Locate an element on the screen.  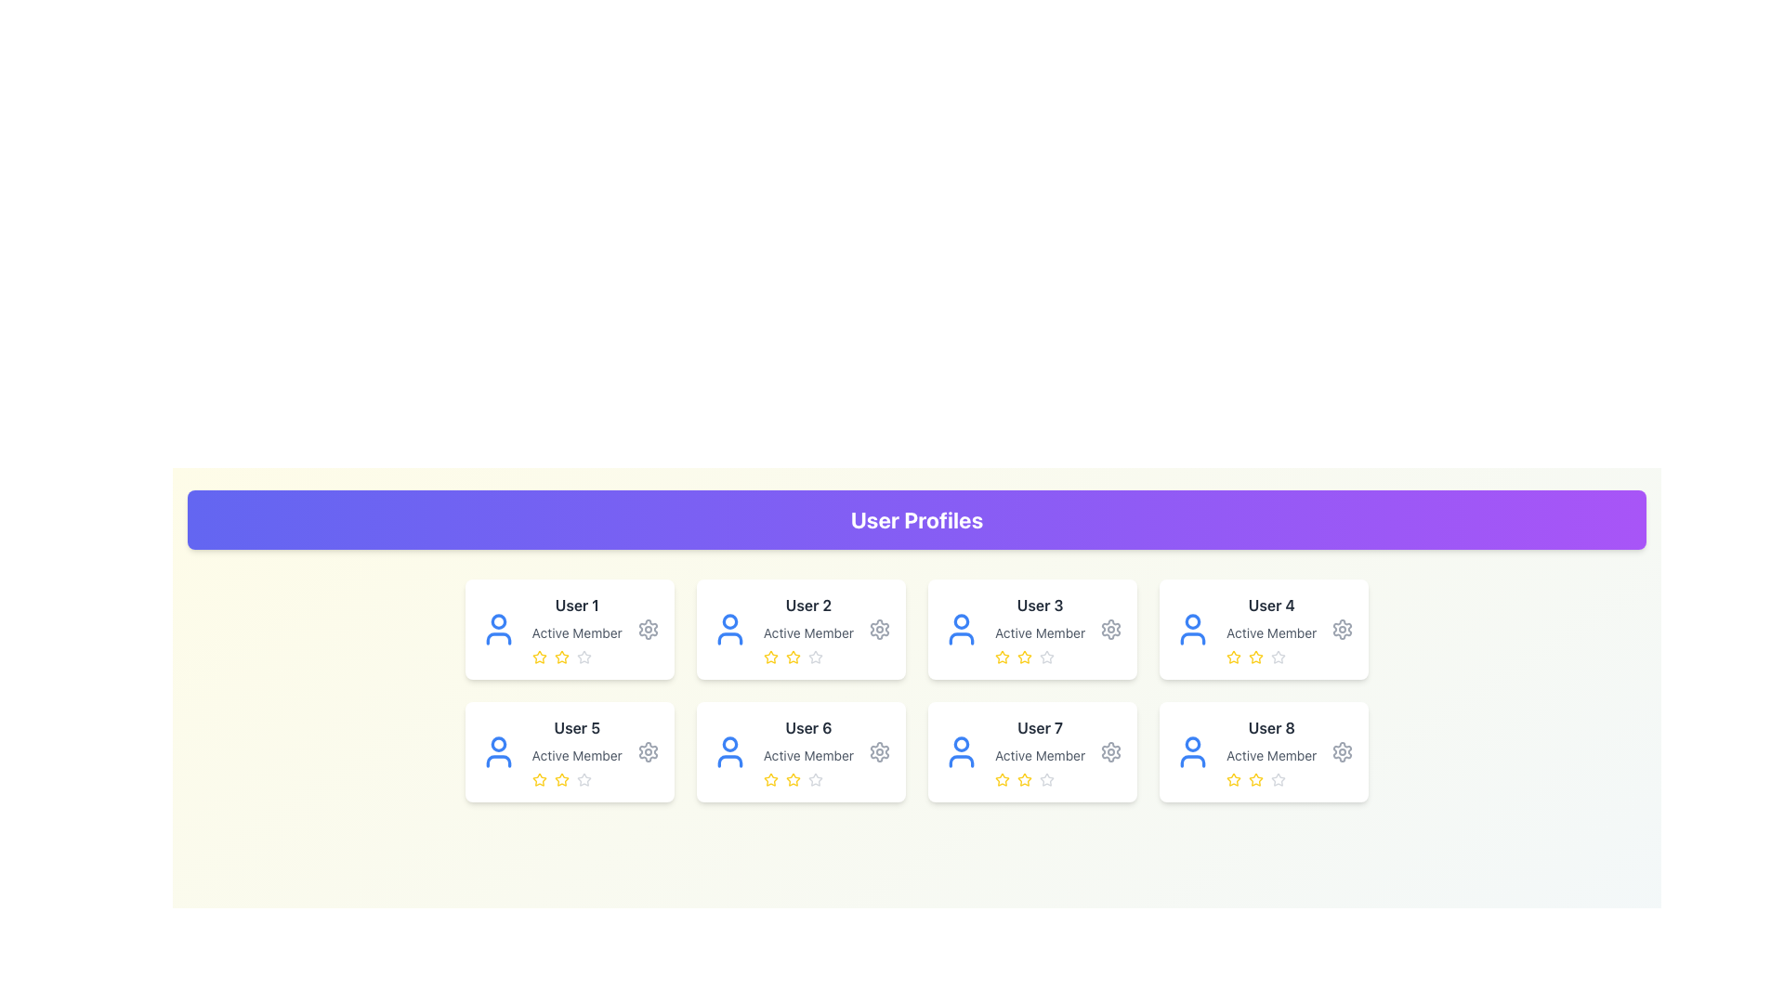
the first star in the rating feature for 'User 5' located underneath the 'User 5 Active Member' card in the bottom-left section of the 'User Profiles' grid layout to rate it is located at coordinates (538, 779).